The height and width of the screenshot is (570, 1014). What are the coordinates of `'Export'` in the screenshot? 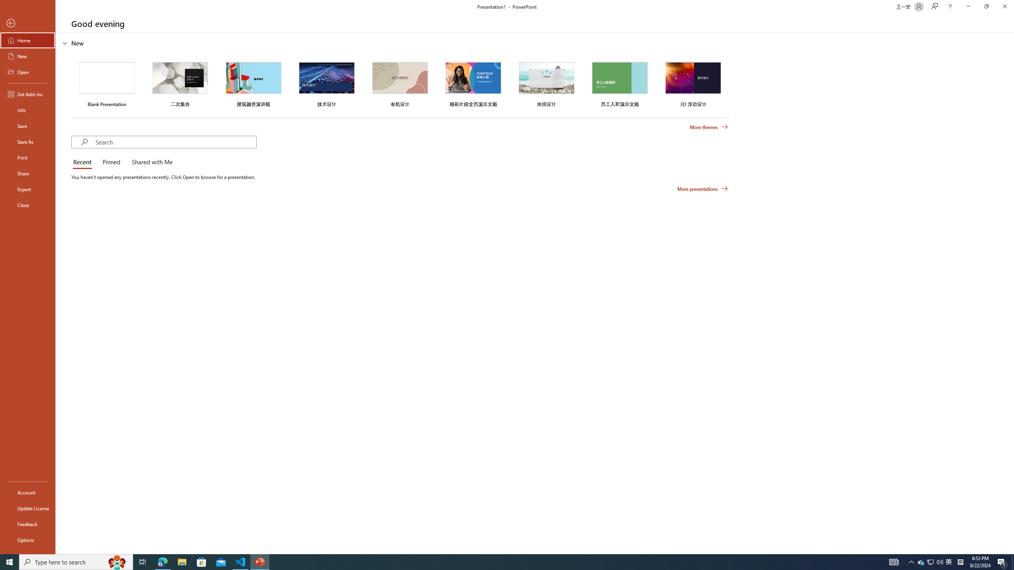 It's located at (27, 189).